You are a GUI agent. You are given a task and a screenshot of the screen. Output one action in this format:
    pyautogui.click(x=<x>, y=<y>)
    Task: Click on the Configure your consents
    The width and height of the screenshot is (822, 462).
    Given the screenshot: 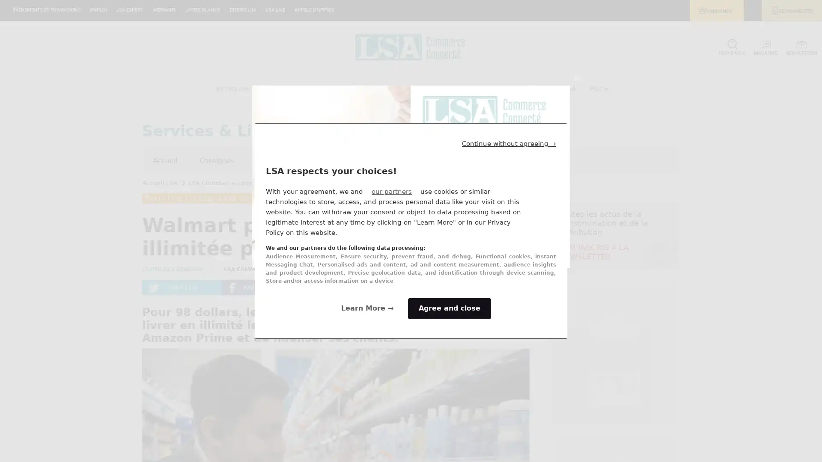 What is the action you would take?
    pyautogui.click(x=367, y=308)
    